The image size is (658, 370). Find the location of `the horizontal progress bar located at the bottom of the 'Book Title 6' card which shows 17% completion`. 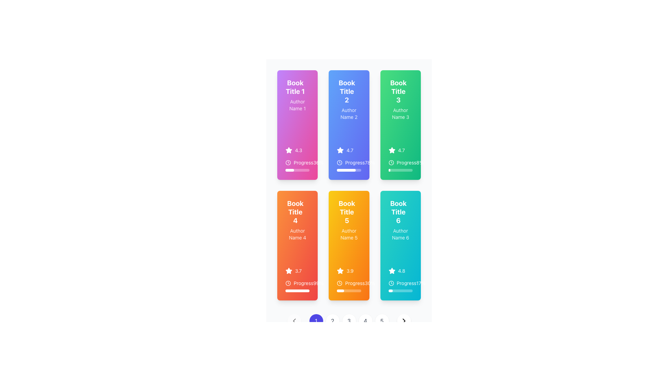

the horizontal progress bar located at the bottom of the 'Book Title 6' card which shows 17% completion is located at coordinates (400, 291).